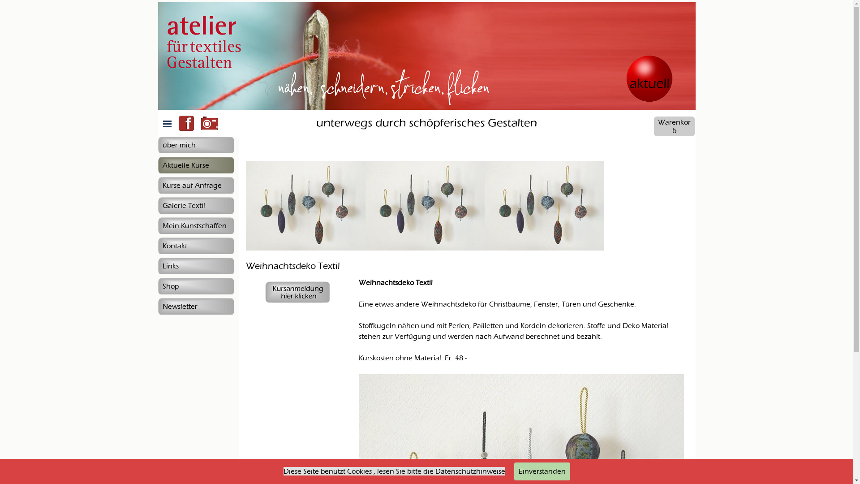 This screenshot has width=860, height=484. Describe the element at coordinates (195, 265) in the screenshot. I see `'Links'` at that location.